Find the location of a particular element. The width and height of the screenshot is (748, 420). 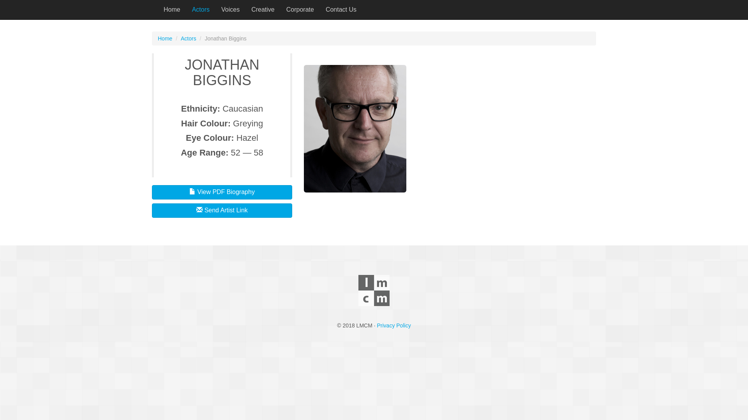

'Home' is located at coordinates (164, 38).